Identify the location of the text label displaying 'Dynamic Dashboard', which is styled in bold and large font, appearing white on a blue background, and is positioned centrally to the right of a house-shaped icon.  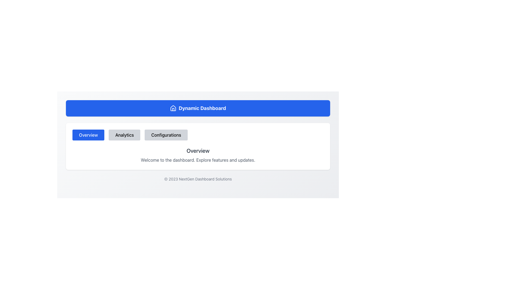
(202, 108).